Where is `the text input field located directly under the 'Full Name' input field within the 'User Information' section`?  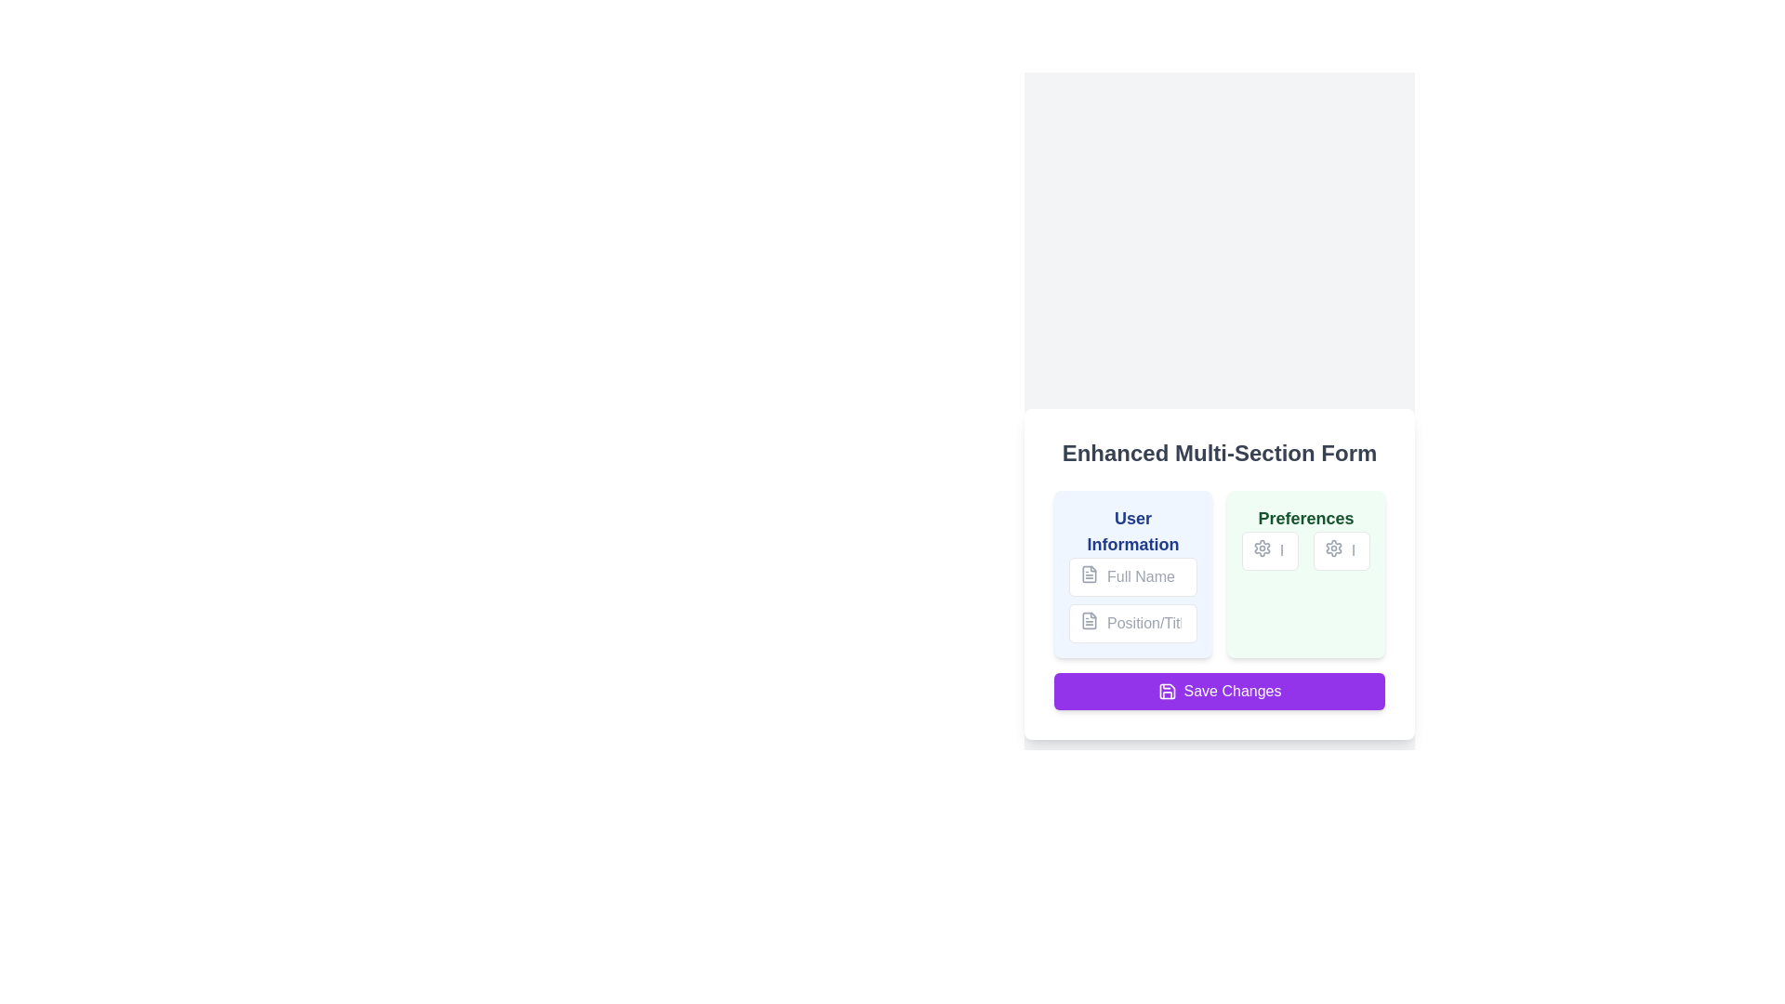
the text input field located directly under the 'Full Name' input field within the 'User Information' section is located at coordinates (1132, 624).